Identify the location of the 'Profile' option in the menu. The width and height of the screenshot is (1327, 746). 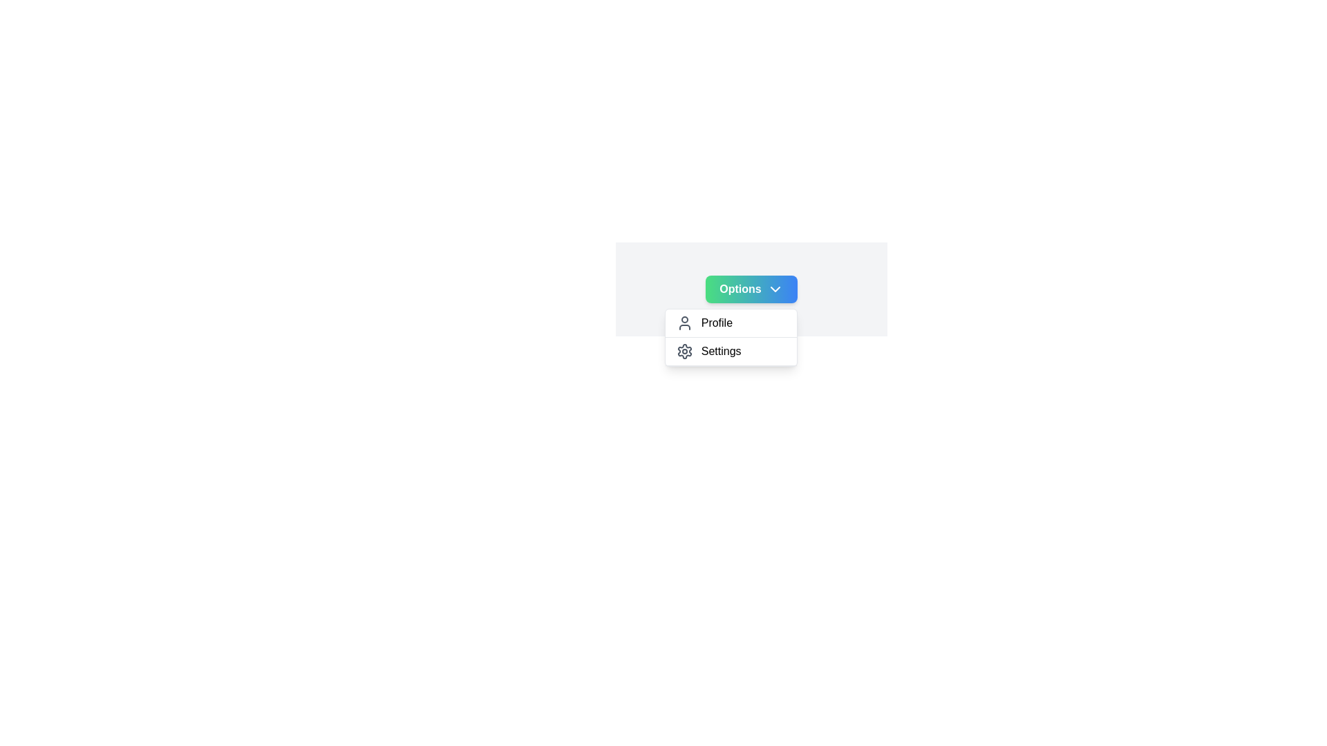
(729, 323).